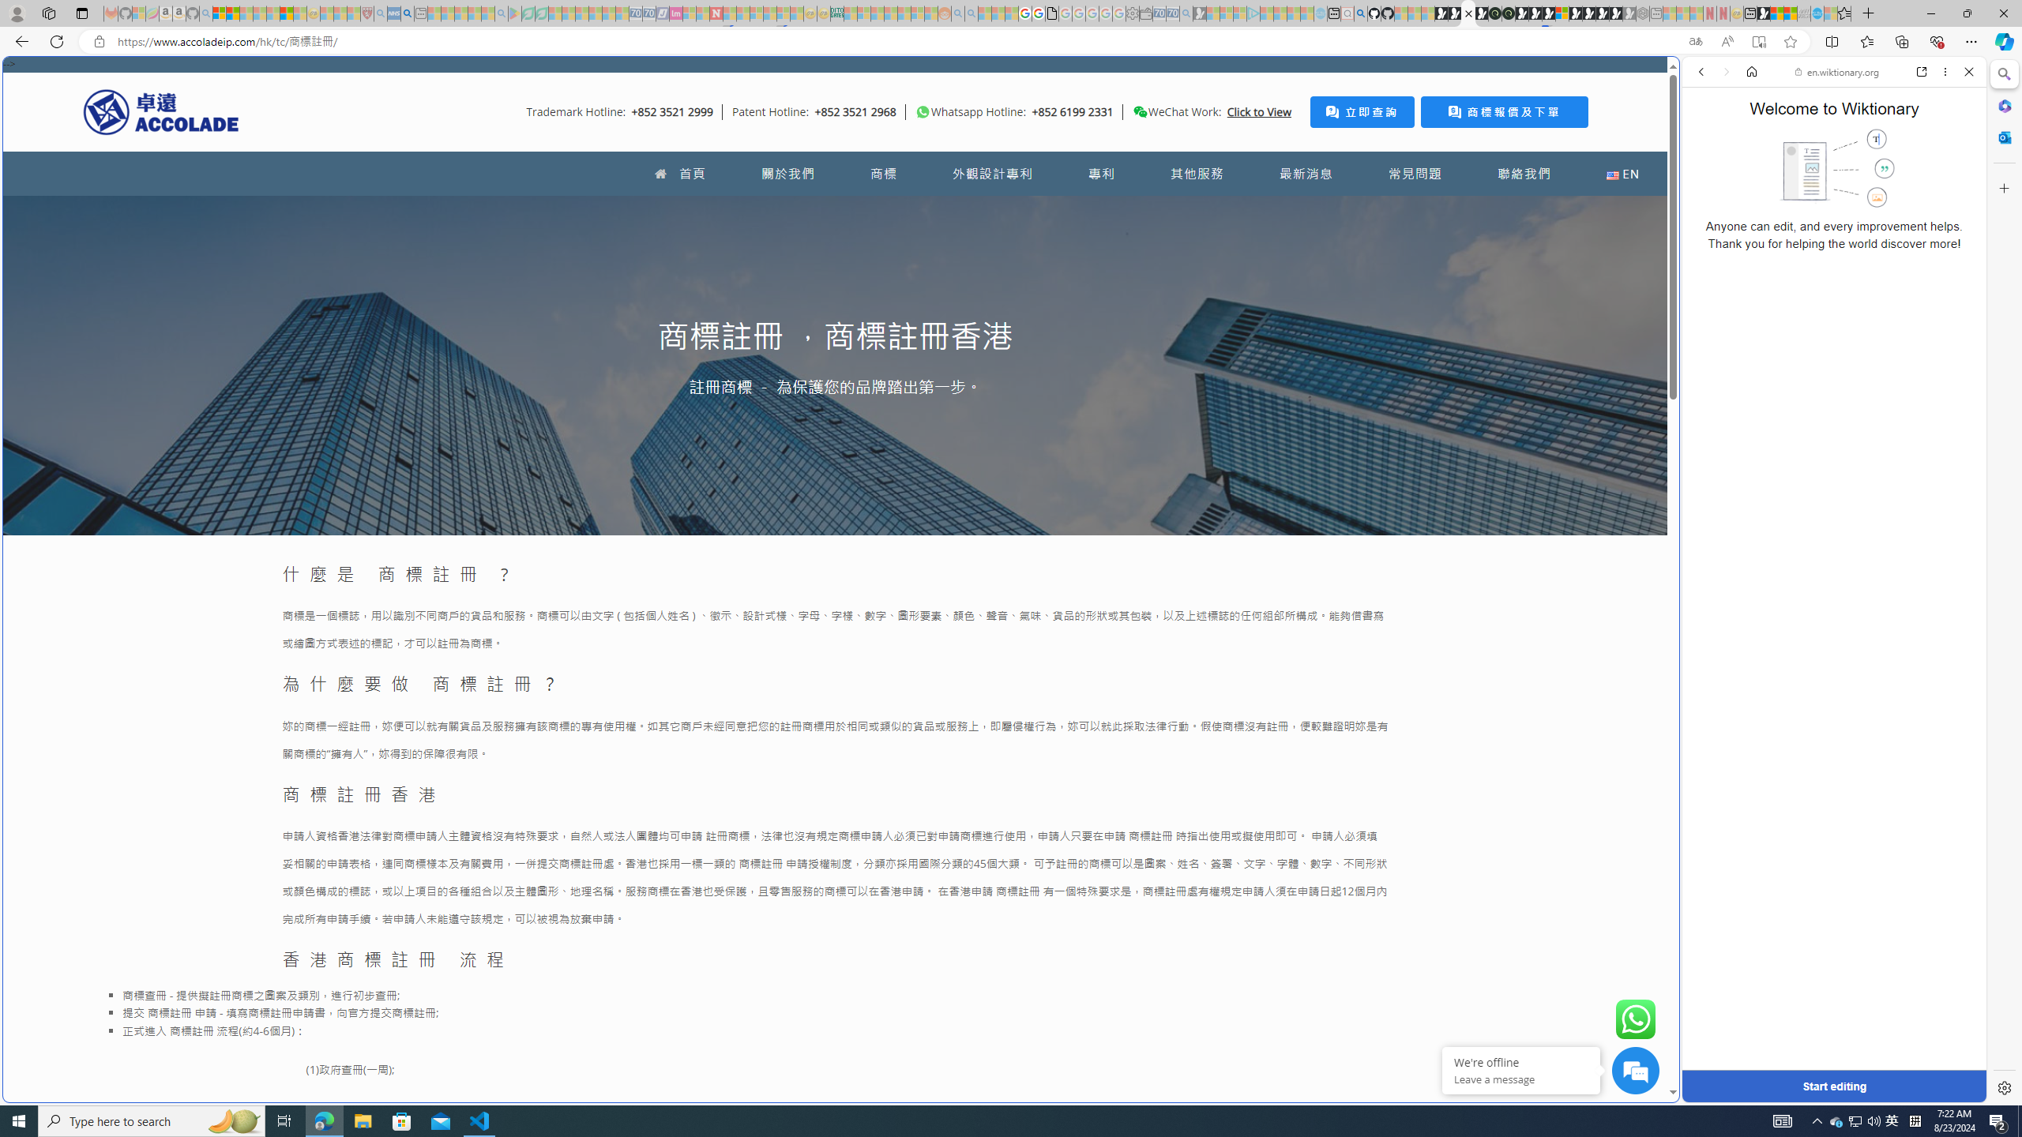 The width and height of the screenshot is (2022, 1137). What do you see at coordinates (1320, 13) in the screenshot?
I see `'Home | Sky Blue Bikes - Sky Blue Bikes - Sleeping'` at bounding box center [1320, 13].